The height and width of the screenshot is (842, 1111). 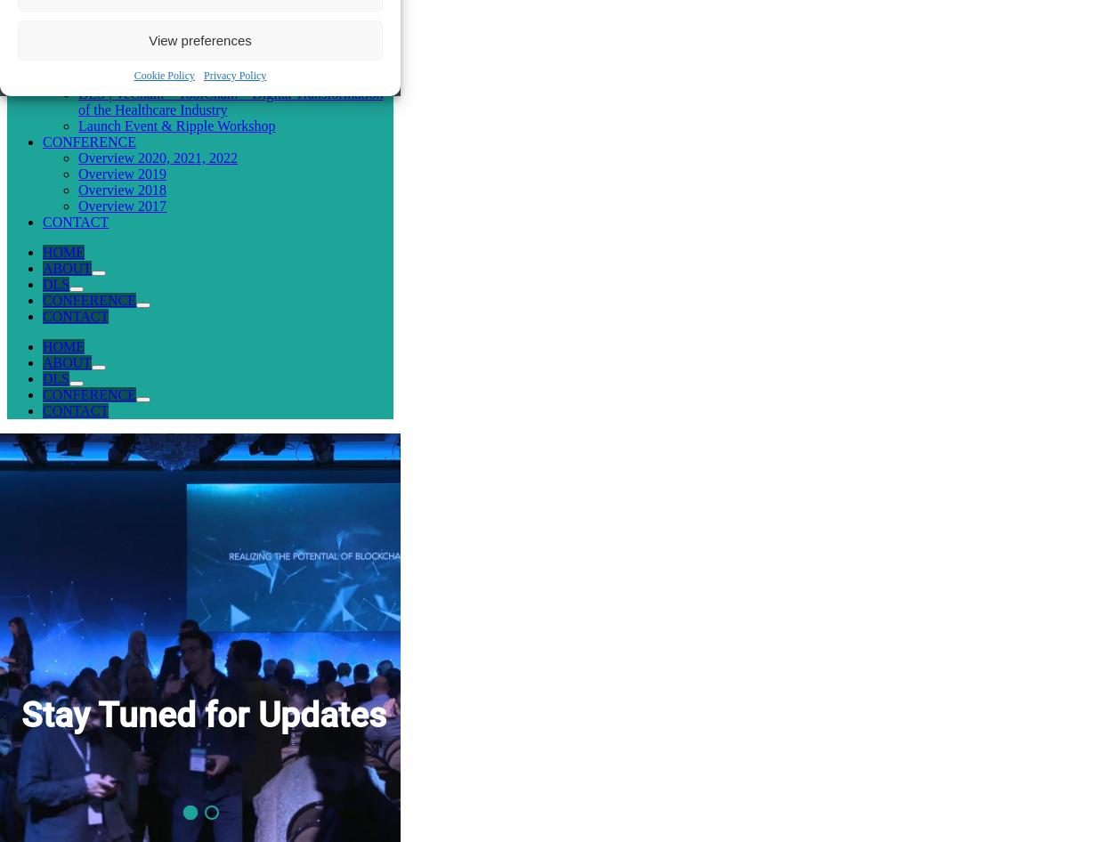 I want to click on 'Overview 2020, 2021, 2022', so click(x=157, y=157).